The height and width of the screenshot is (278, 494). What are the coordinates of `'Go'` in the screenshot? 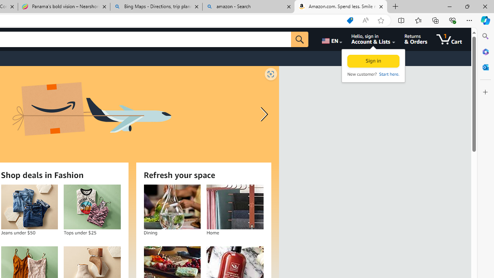 It's located at (299, 39).